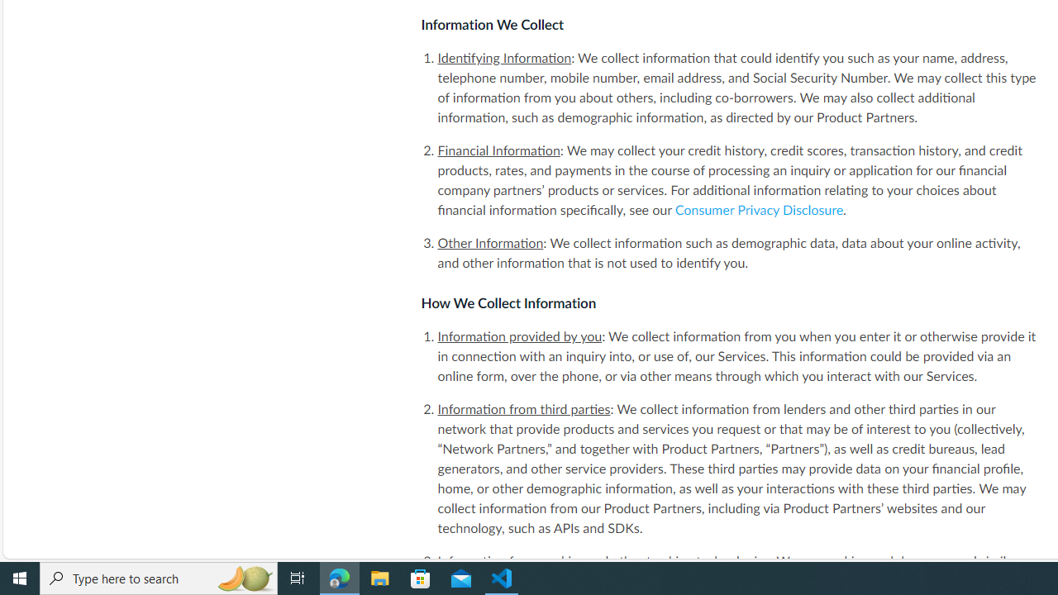  I want to click on 'Consumer Privacy Disclosure', so click(759, 209).